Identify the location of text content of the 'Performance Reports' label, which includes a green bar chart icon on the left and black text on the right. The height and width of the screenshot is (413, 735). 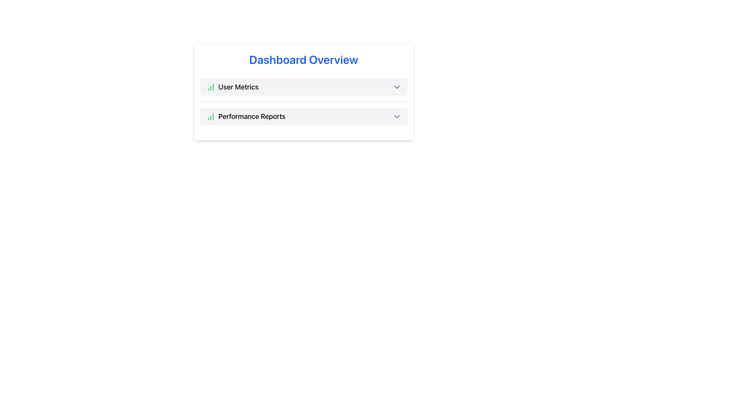
(246, 116).